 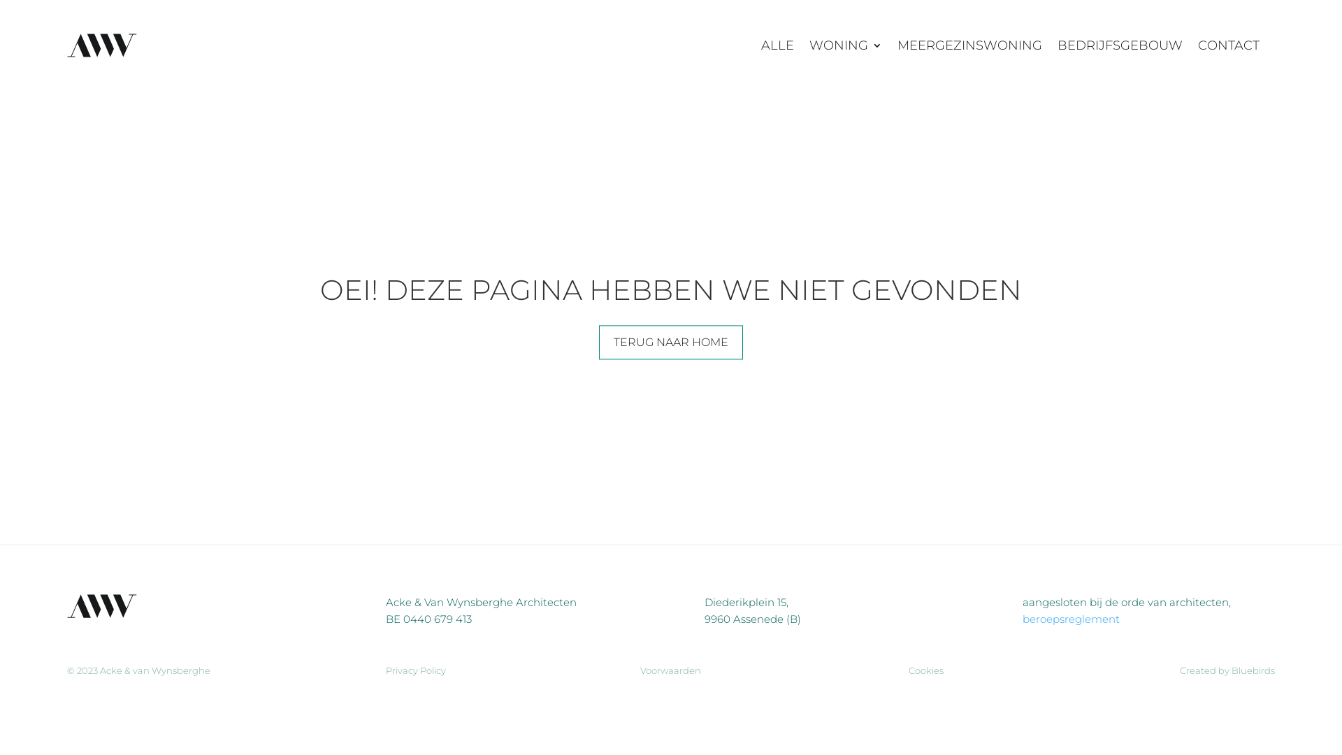 What do you see at coordinates (1023, 618) in the screenshot?
I see `'beroepsreglement'` at bounding box center [1023, 618].